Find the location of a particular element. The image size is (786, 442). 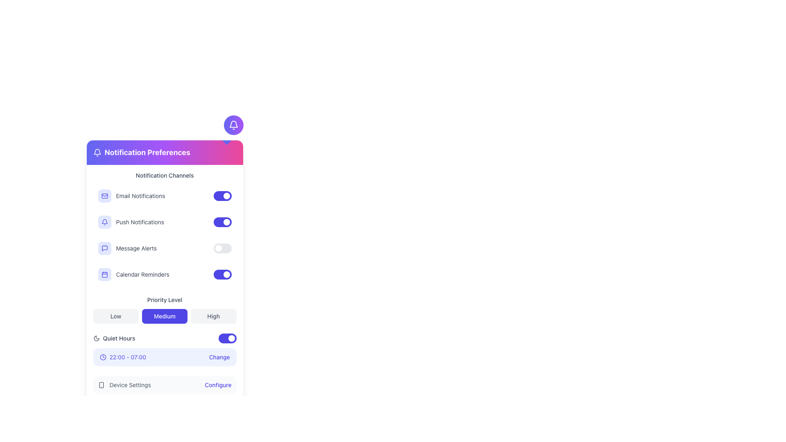

time period indicated by the text label in the 'Quiet Hours' section, which is situated below the 'Priority Level' section and between a clock icon and a 'Change' button is located at coordinates (127, 356).